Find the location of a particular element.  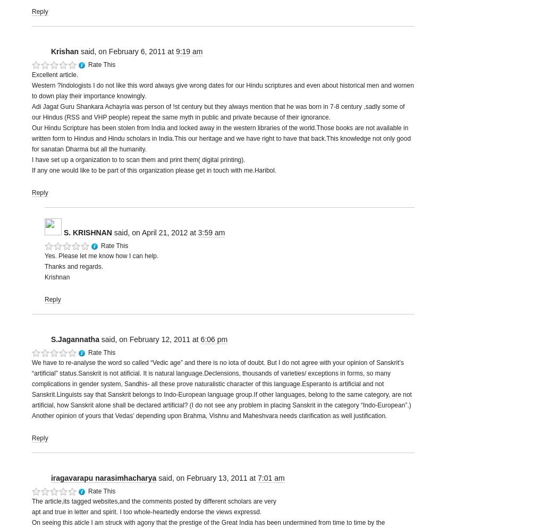

'We have to re-analyse the word so called “Vedic age” and there is no iota of doubt. But I do not agree with your opinion of Sanskrit’s “artificial” status.Sanskrit is  not atificial. It  is natural language.Declensions, thousands of varieties/ exceptions in forms, so many complications in gender system, Sandhis- all these prove naturalistic character of this language.Esperanto is  artificial and not Sanskrit.Linguists say that Sanskrit belongs to Indo-European language group.If other languages, belong to the same category, are not artificial, how Sanskrit alone shall be declared artificial? (I do not see any problem in   placing Sanskrit in the category “Indo-European”.) Another opinion of yours that Vedas’ depending upon Brahma, Vishnu and Maheshvara needs clarification as well justification.' is located at coordinates (221, 389).